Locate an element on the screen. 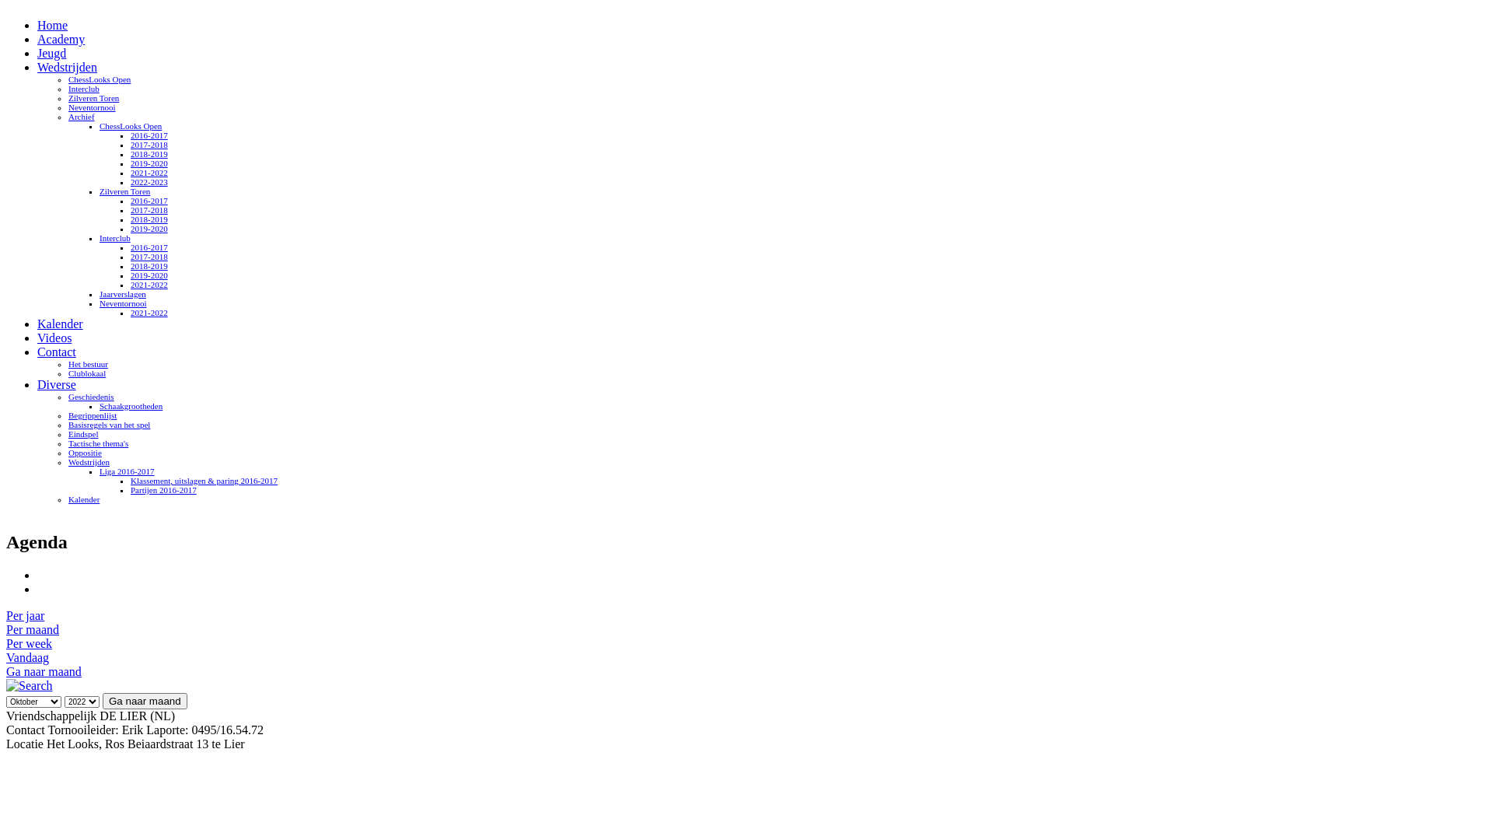  'Interclub' is located at coordinates (82, 89).